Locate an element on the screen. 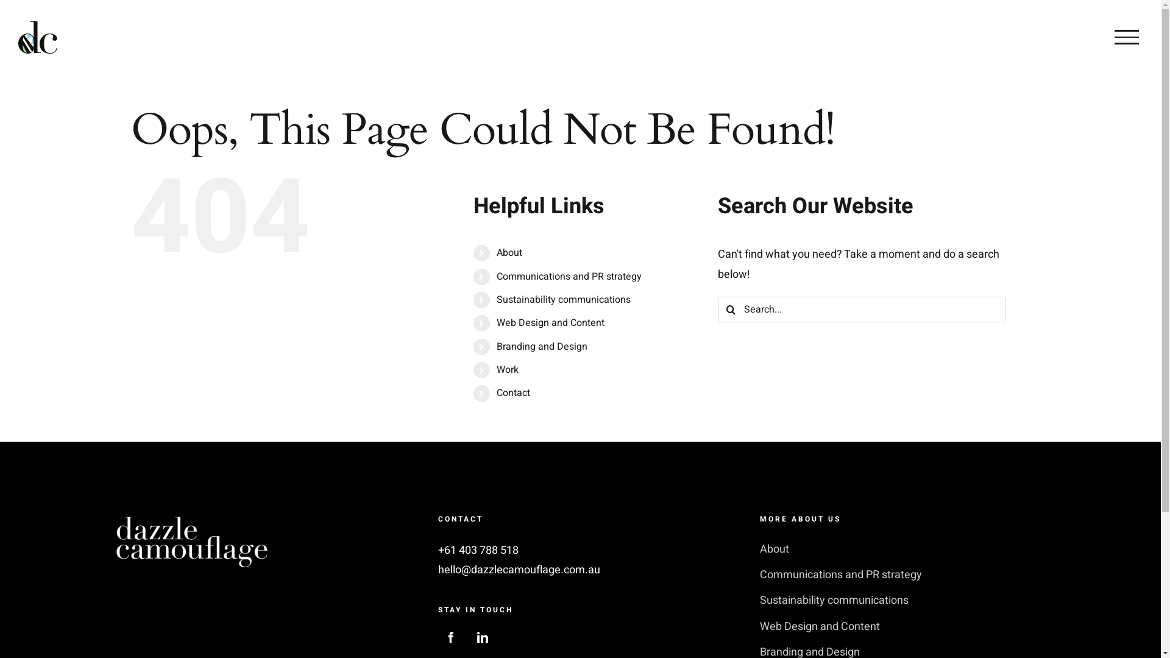  'Work' is located at coordinates (508, 369).